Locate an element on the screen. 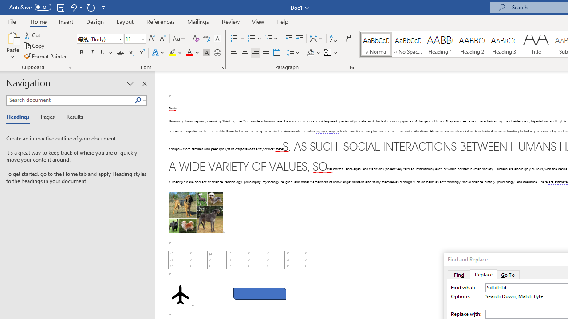 This screenshot has width=568, height=319. 'Text Highlight Color' is located at coordinates (175, 53).